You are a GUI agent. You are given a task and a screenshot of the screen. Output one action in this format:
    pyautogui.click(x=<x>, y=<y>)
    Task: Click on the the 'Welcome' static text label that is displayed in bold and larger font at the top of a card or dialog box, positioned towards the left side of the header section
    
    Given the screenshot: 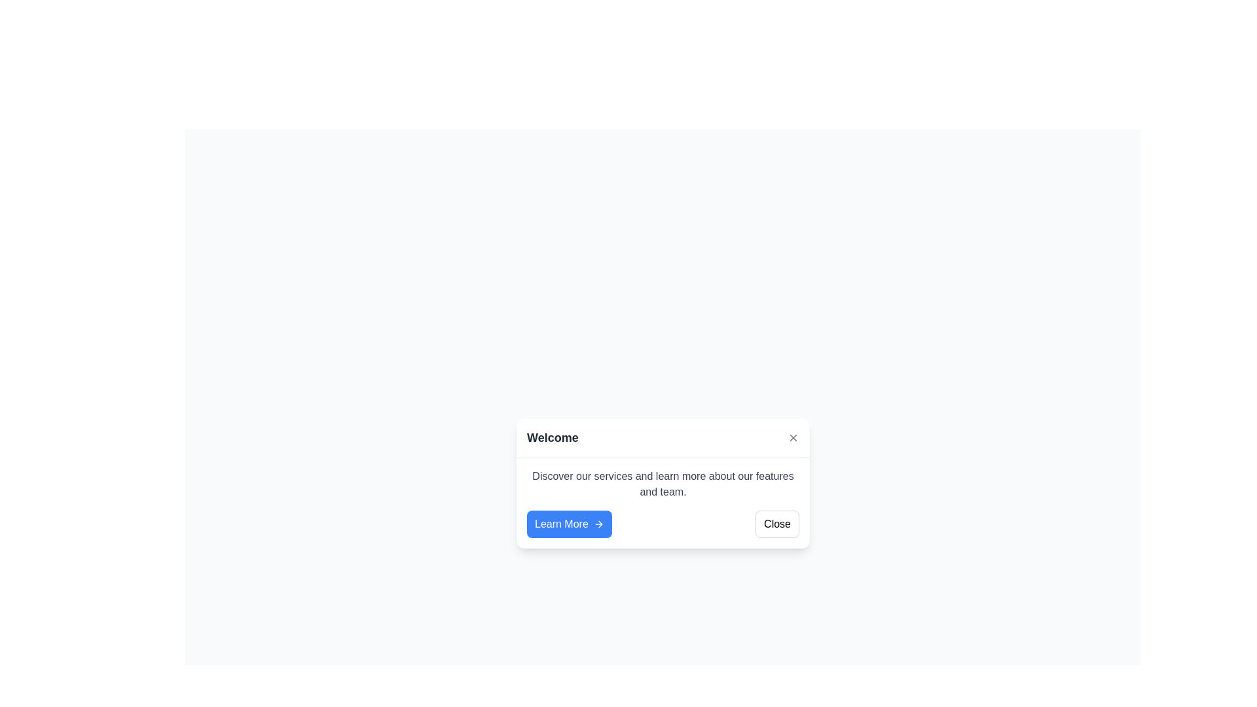 What is the action you would take?
    pyautogui.click(x=553, y=437)
    